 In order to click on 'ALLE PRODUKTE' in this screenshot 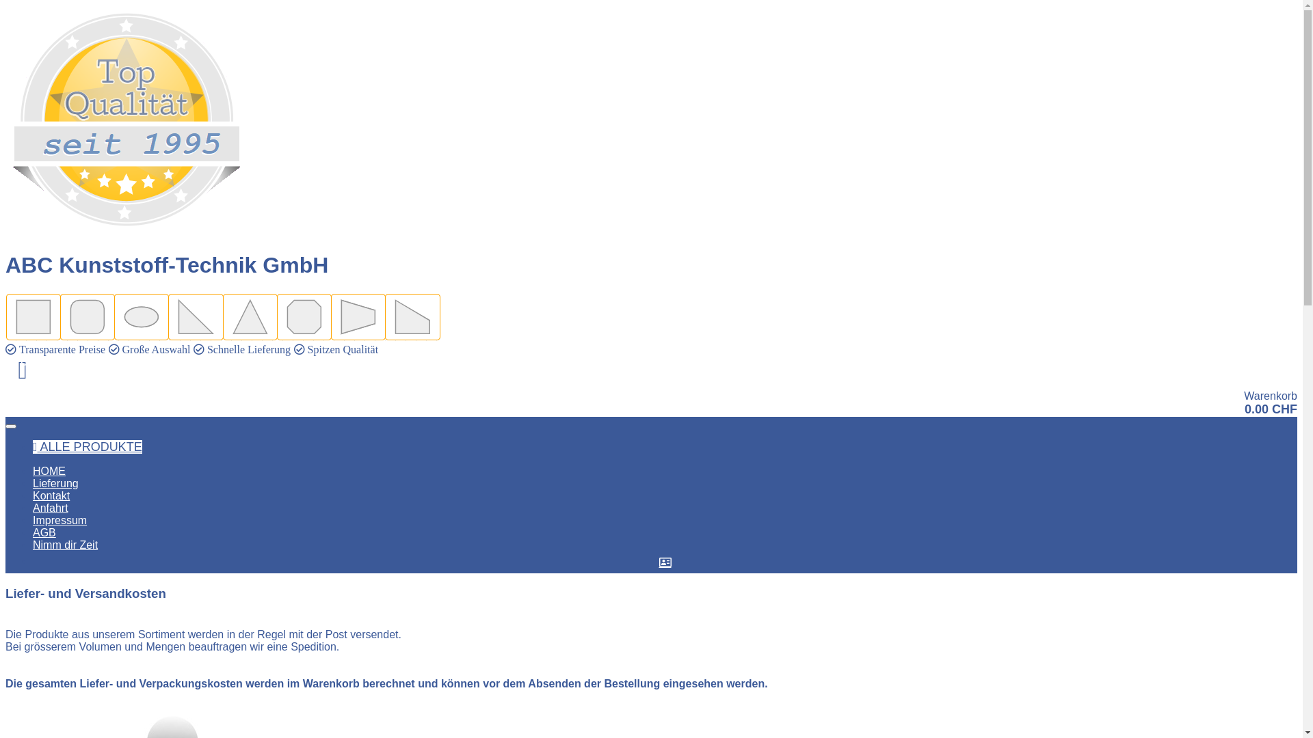, I will do `click(87, 447)`.